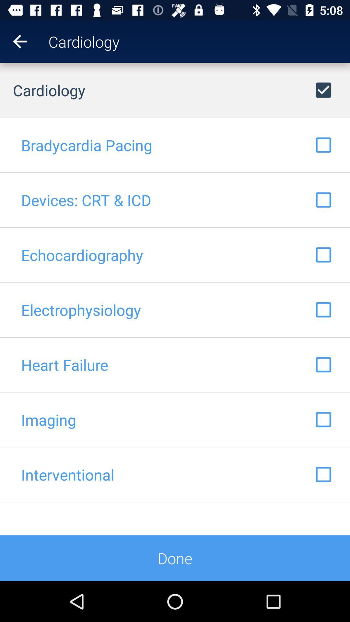 Image resolution: width=350 pixels, height=622 pixels. Describe the element at coordinates (13, 41) in the screenshot. I see `icon next to the cardiology app` at that location.